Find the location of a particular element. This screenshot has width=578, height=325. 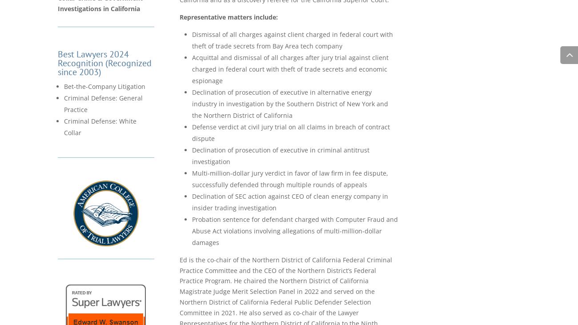

'Declination of prosecution of executive in criminal antitrust investigation' is located at coordinates (281, 155).